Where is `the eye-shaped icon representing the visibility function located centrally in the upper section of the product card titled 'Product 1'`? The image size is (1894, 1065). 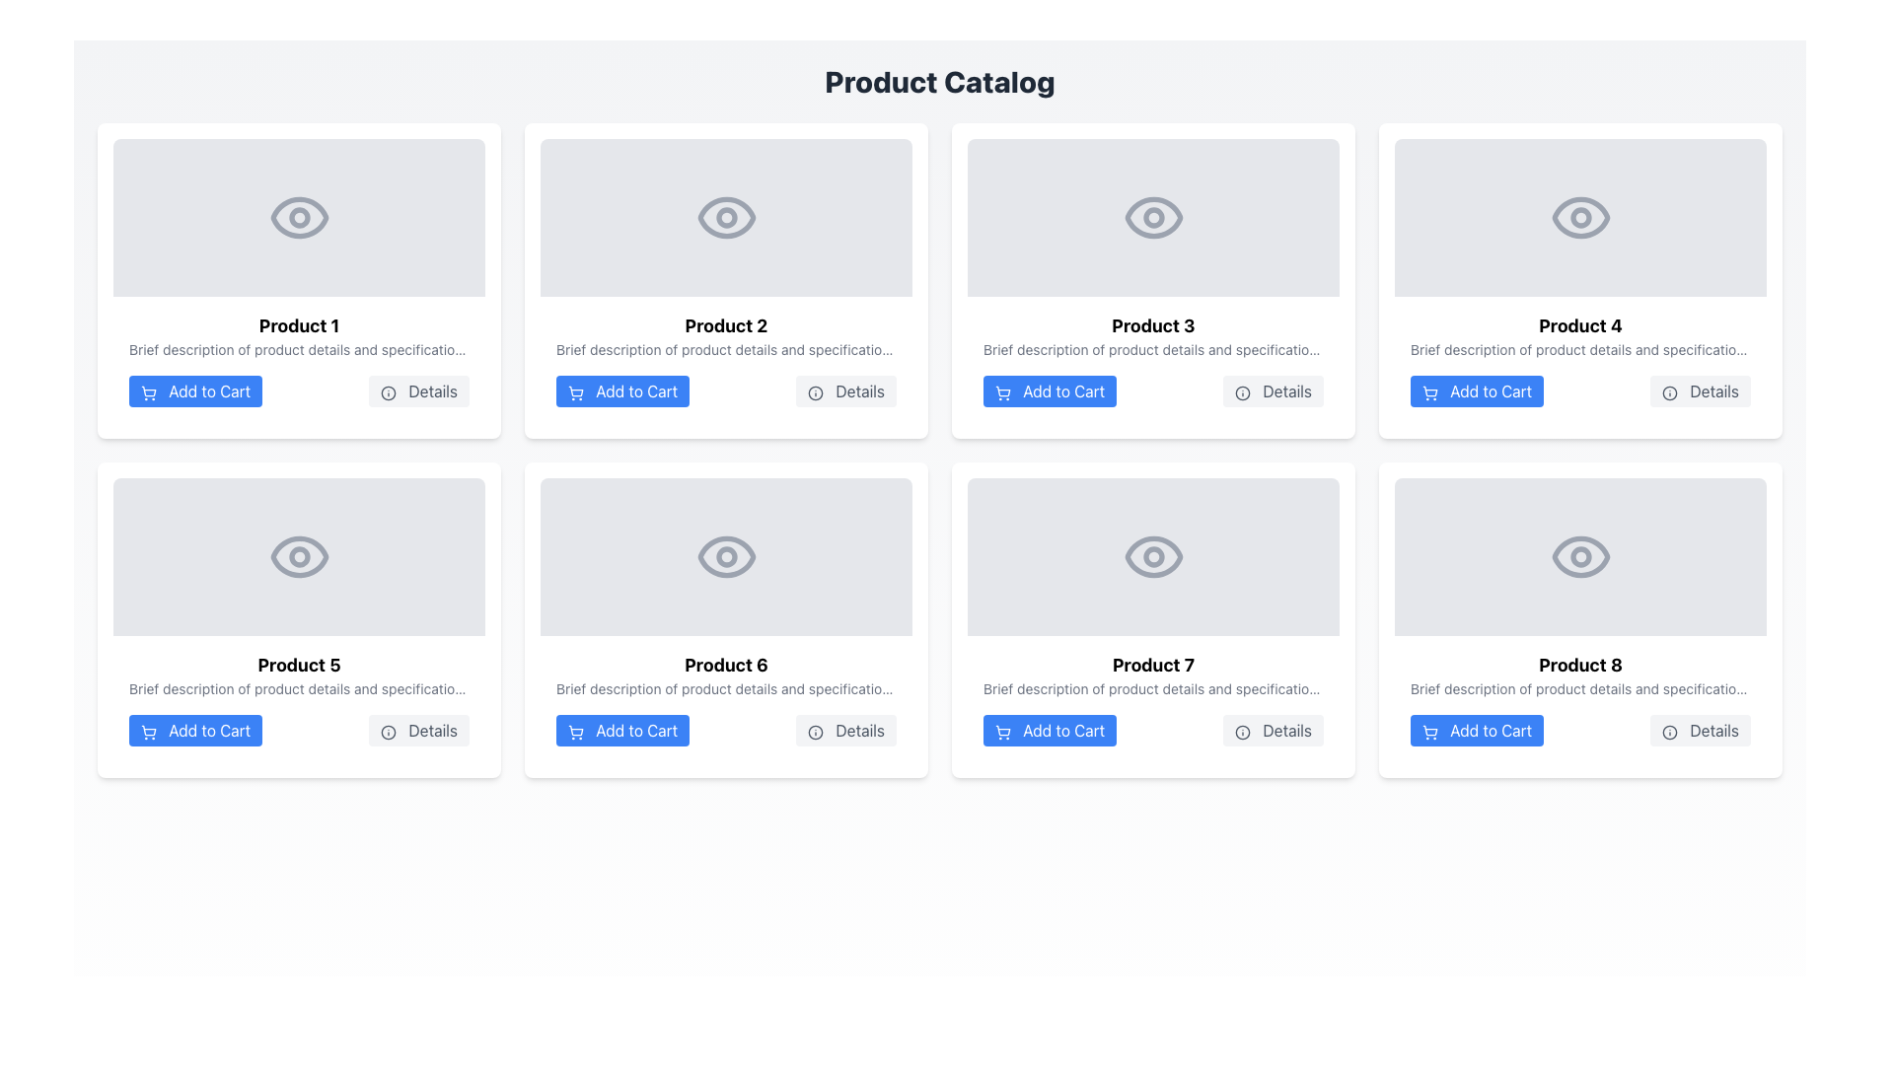 the eye-shaped icon representing the visibility function located centrally in the upper section of the product card titled 'Product 1' is located at coordinates (298, 217).